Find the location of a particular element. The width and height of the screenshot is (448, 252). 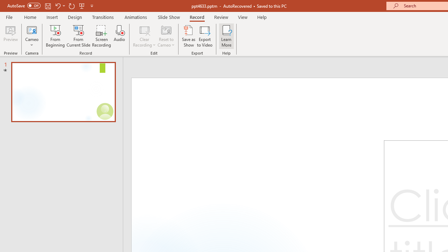

'Transitions' is located at coordinates (103, 17).